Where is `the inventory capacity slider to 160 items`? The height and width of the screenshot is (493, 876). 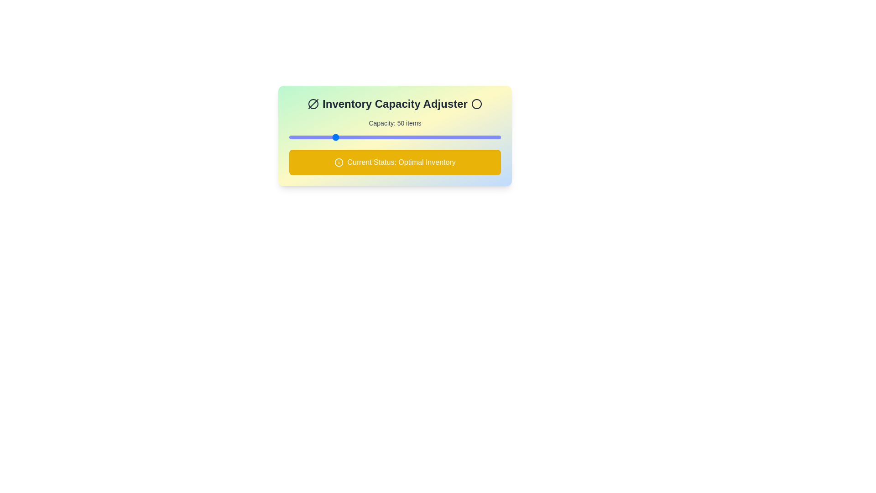 the inventory capacity slider to 160 items is located at coordinates (456, 137).